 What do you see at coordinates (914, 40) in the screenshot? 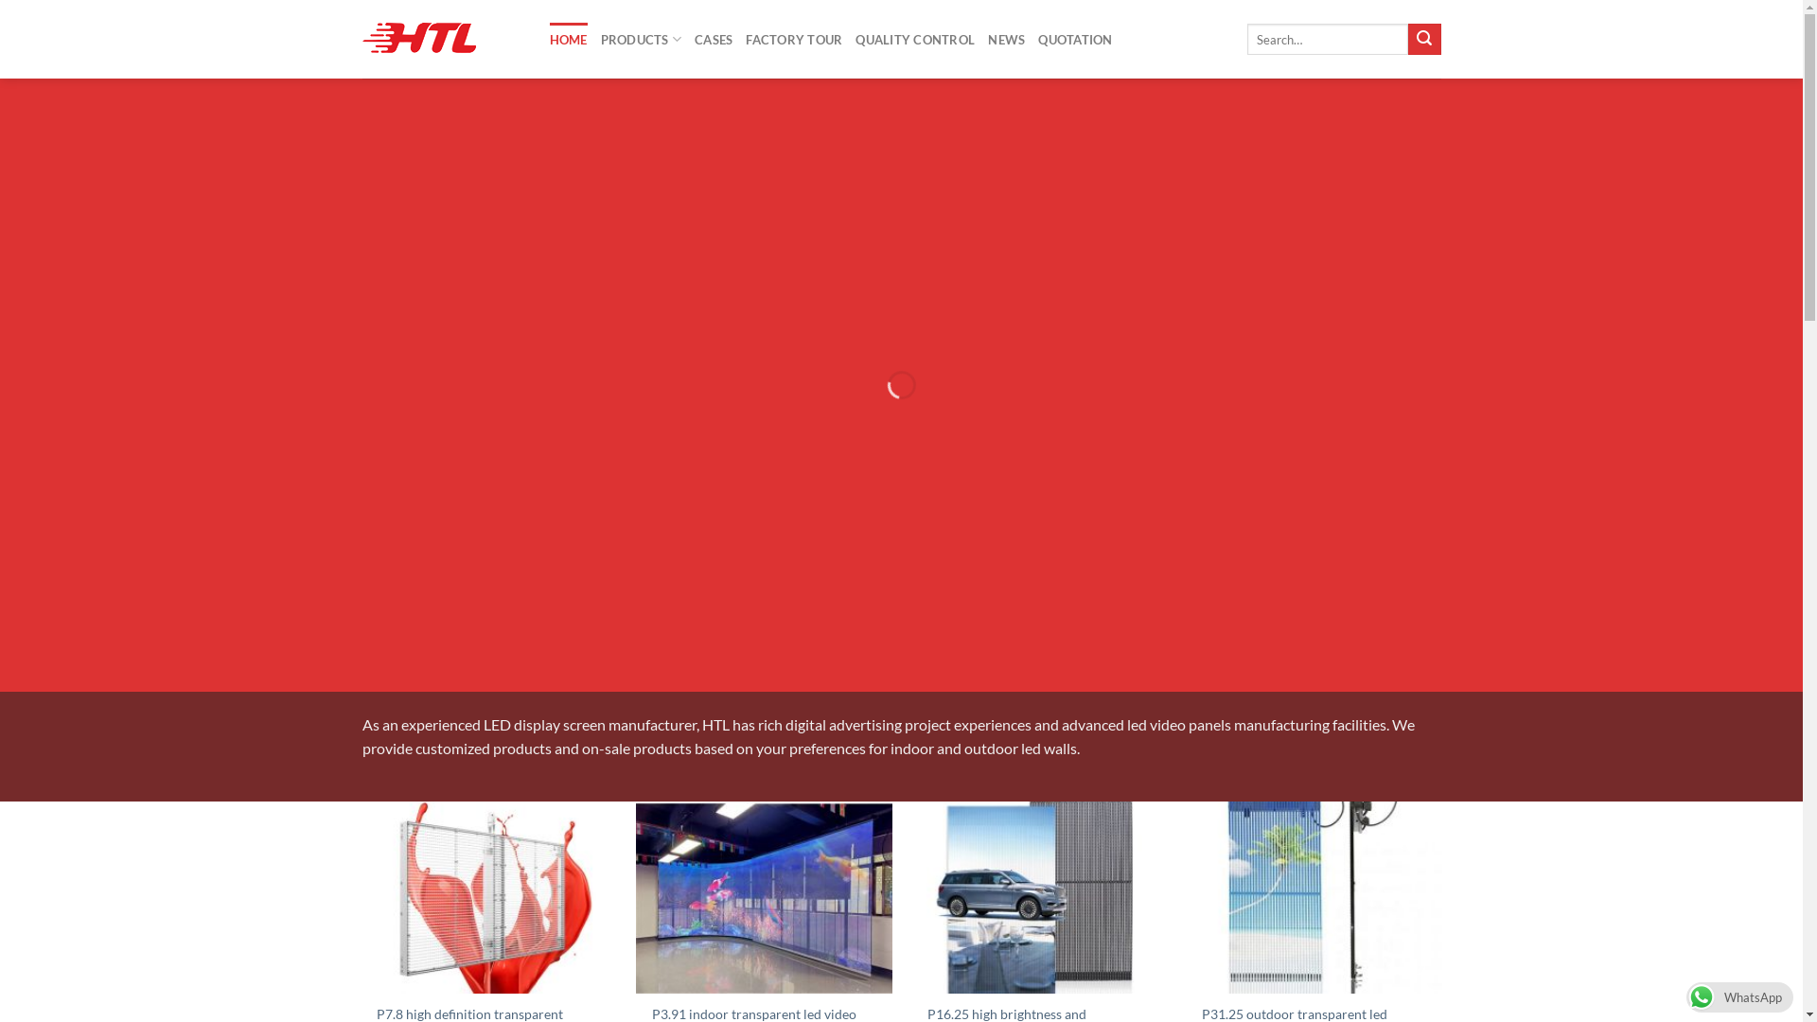
I see `'QUALITY CONTROL'` at bounding box center [914, 40].